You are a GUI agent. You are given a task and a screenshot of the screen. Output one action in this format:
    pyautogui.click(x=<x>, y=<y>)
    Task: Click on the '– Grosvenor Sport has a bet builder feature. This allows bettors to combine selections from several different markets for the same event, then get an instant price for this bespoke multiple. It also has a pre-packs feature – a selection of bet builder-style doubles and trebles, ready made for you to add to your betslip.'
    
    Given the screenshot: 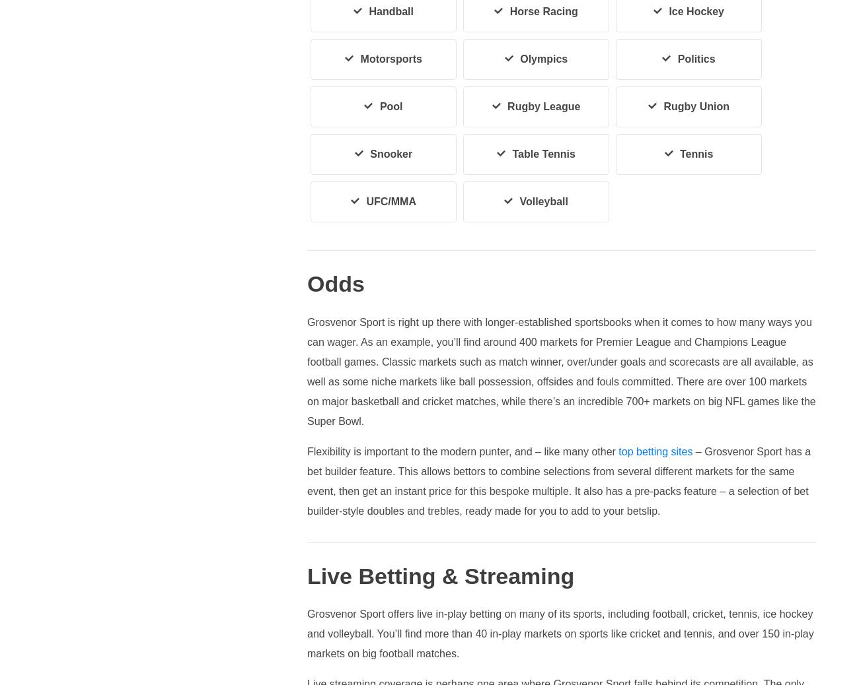 What is the action you would take?
    pyautogui.click(x=558, y=480)
    